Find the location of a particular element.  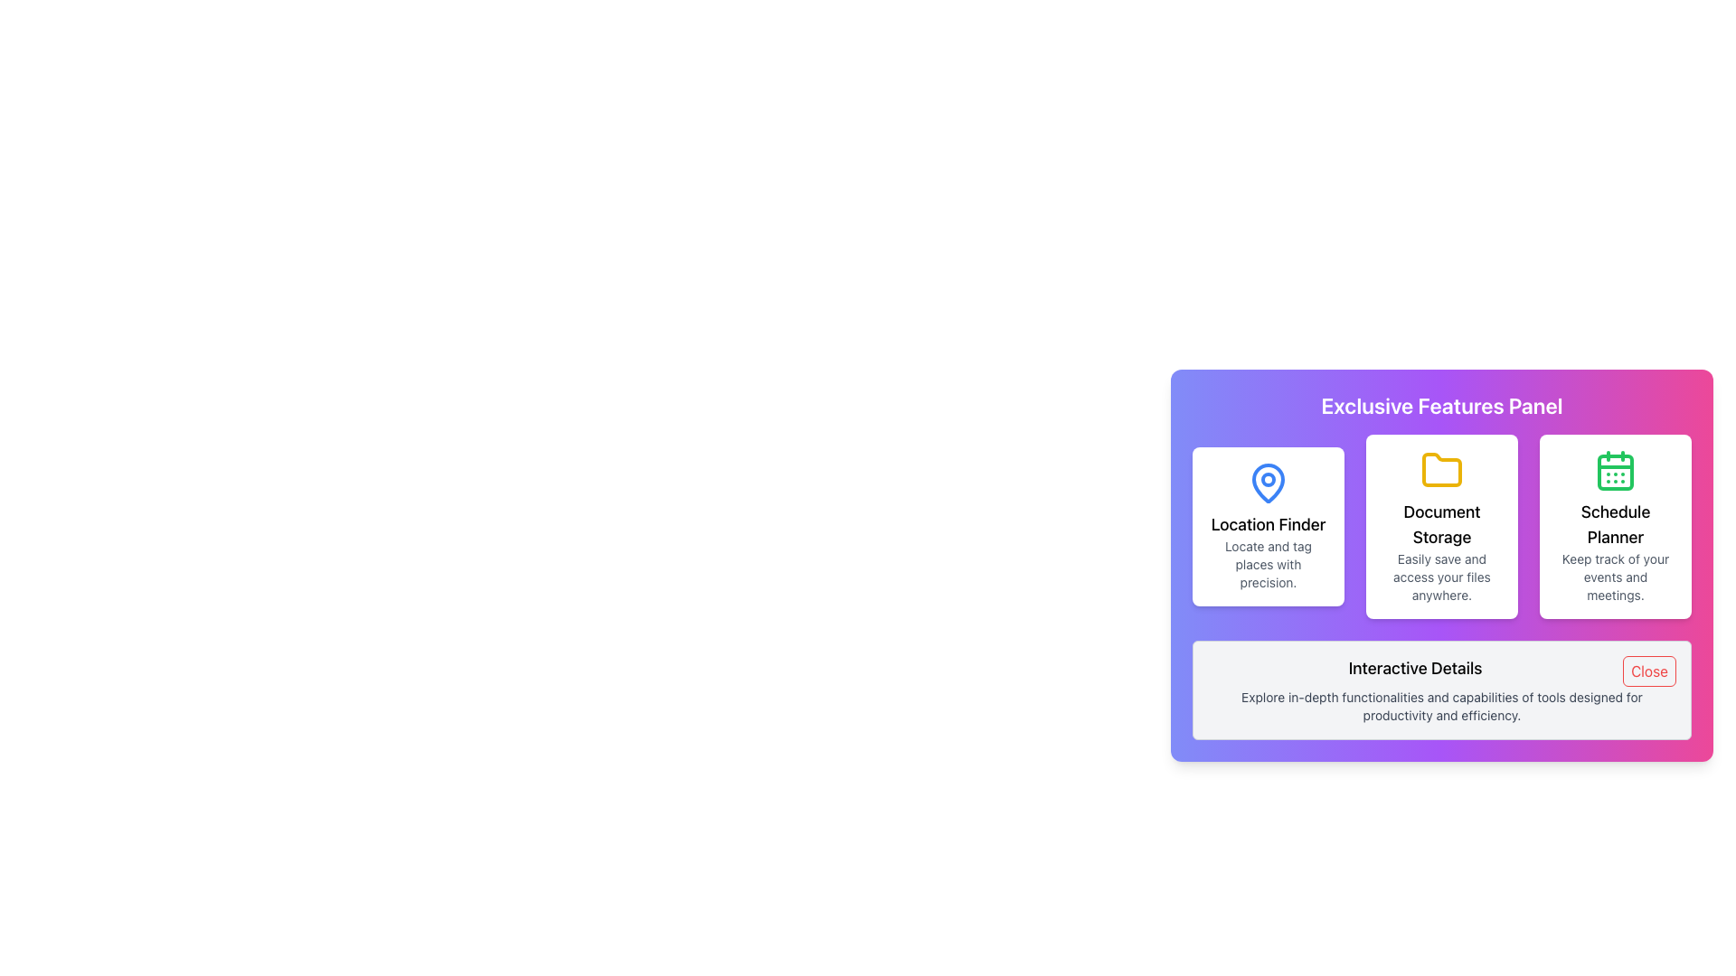

the informational card about 'Document Storage', which is the middle card in a horizontally-arranged grid of three cards is located at coordinates (1440, 526).